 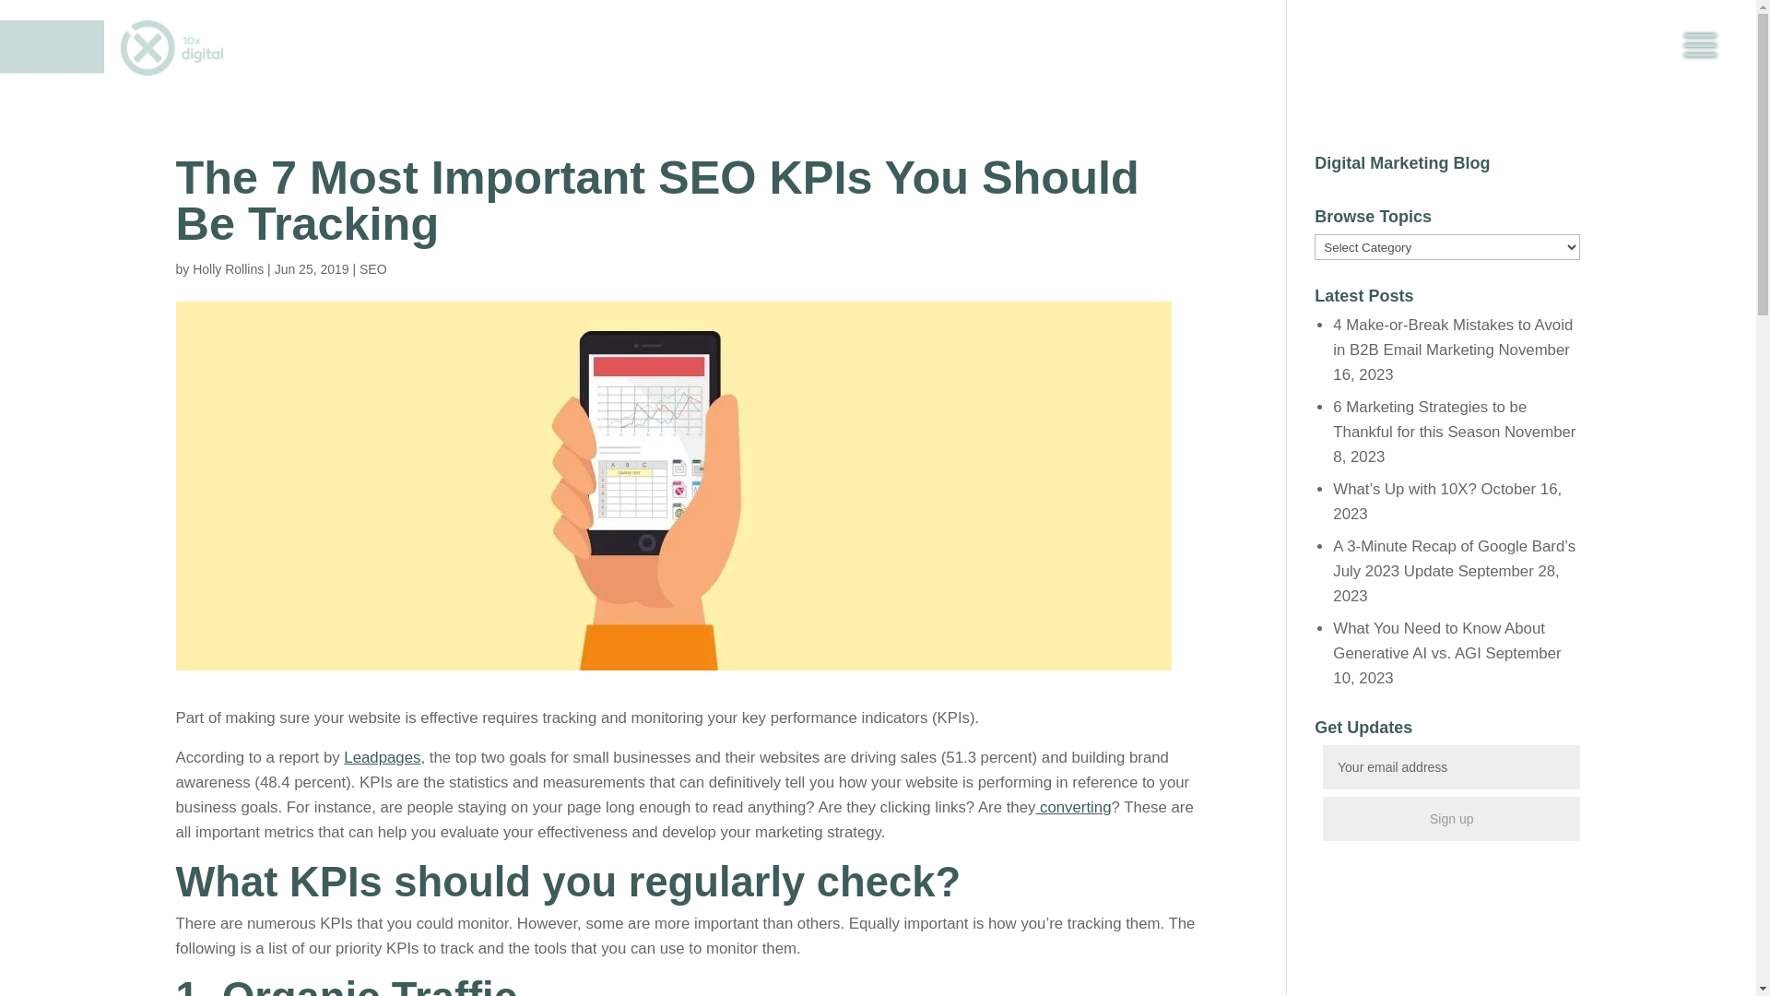 What do you see at coordinates (1450, 817) in the screenshot?
I see `'Sign up'` at bounding box center [1450, 817].